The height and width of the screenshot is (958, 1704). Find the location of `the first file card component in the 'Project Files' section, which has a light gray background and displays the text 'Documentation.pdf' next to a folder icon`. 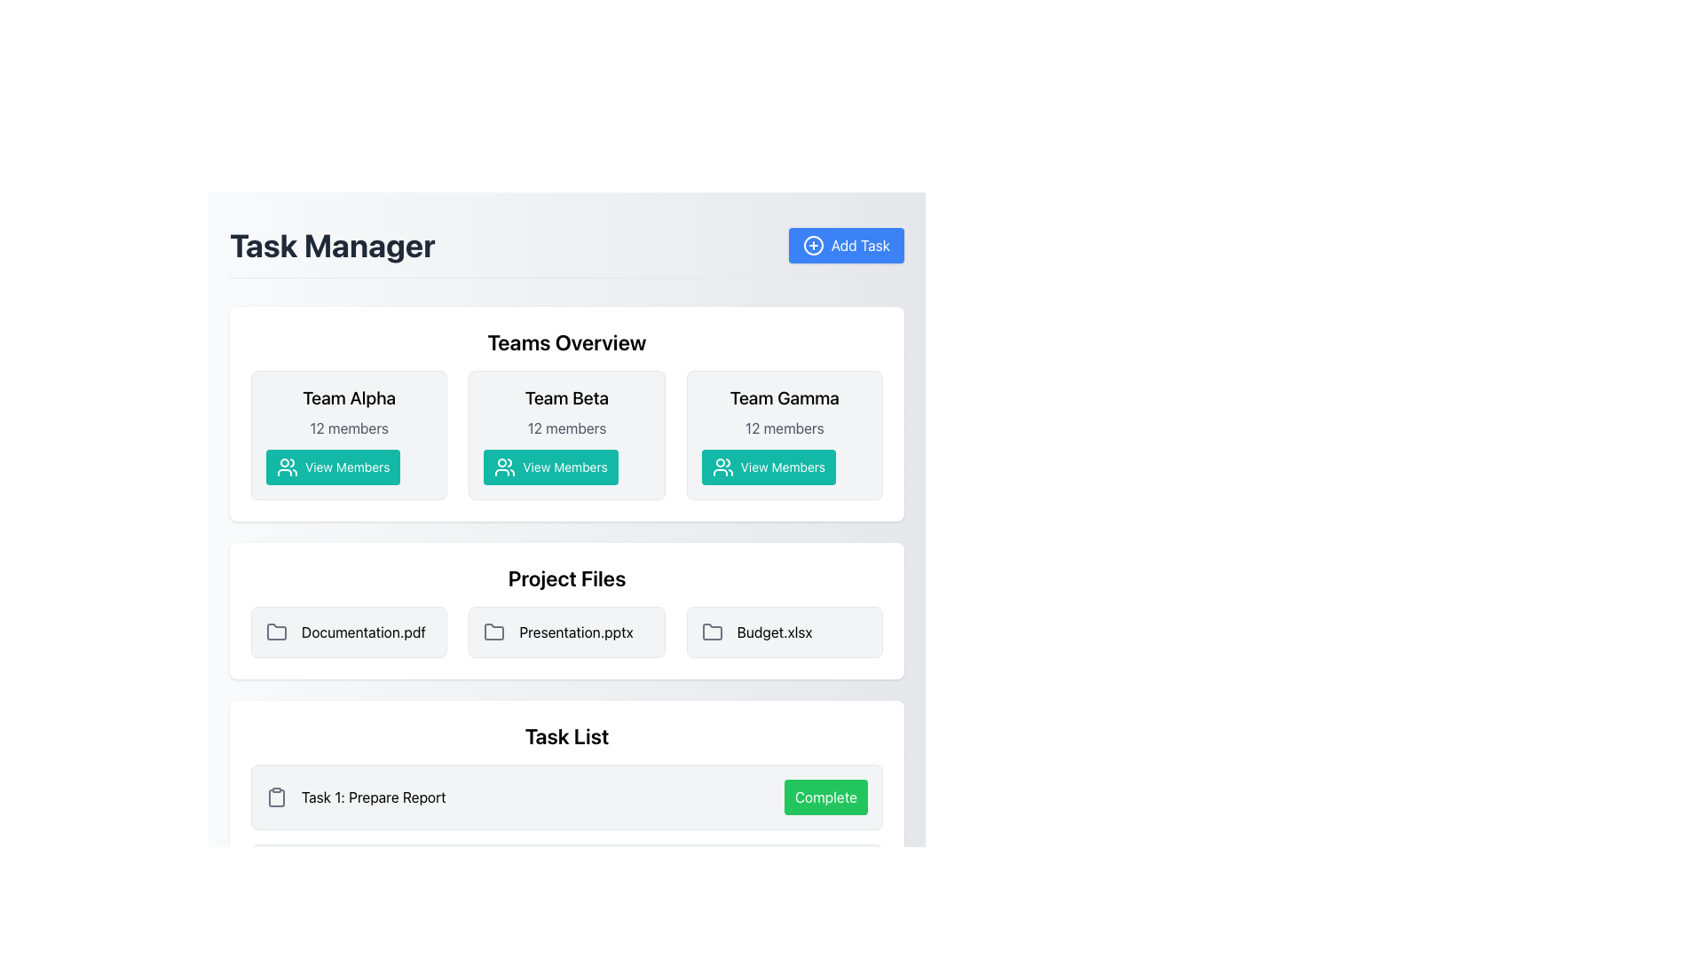

the first file card component in the 'Project Files' section, which has a light gray background and displays the text 'Documentation.pdf' next to a folder icon is located at coordinates (349, 632).